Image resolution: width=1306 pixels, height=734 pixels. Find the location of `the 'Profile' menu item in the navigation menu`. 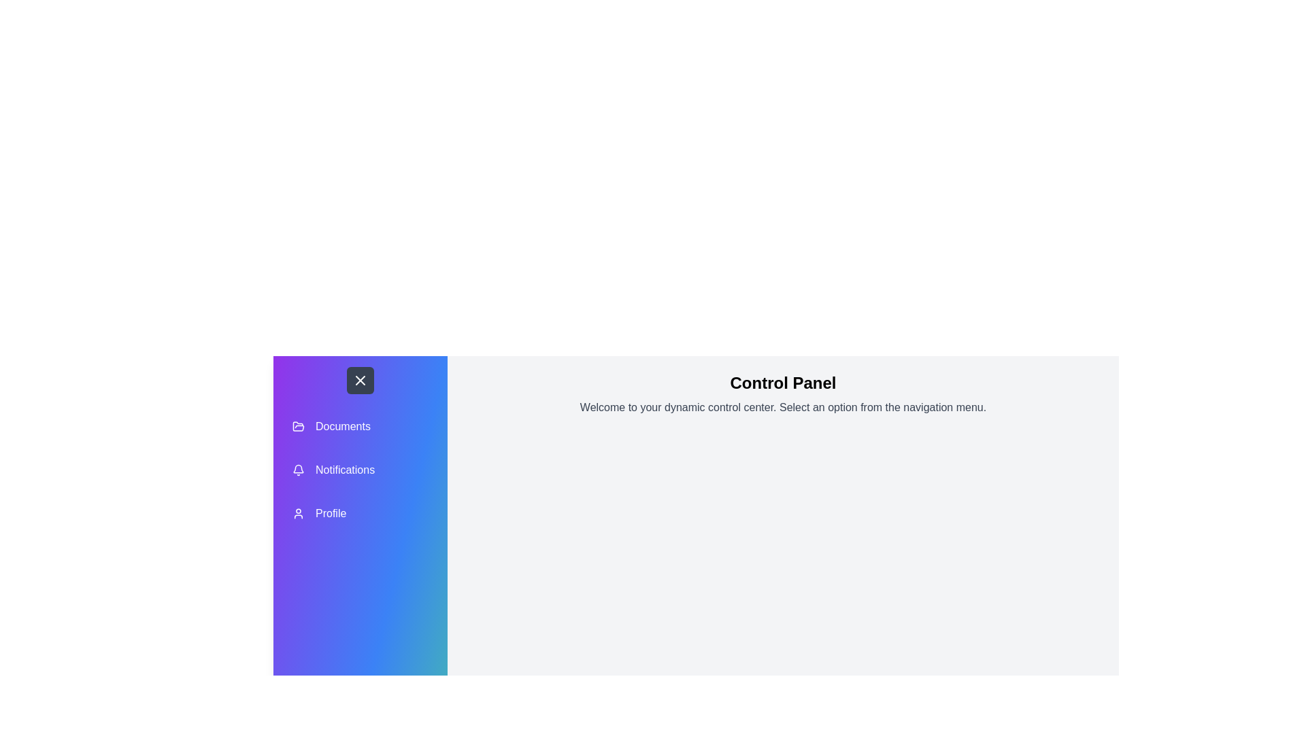

the 'Profile' menu item in the navigation menu is located at coordinates (360, 514).